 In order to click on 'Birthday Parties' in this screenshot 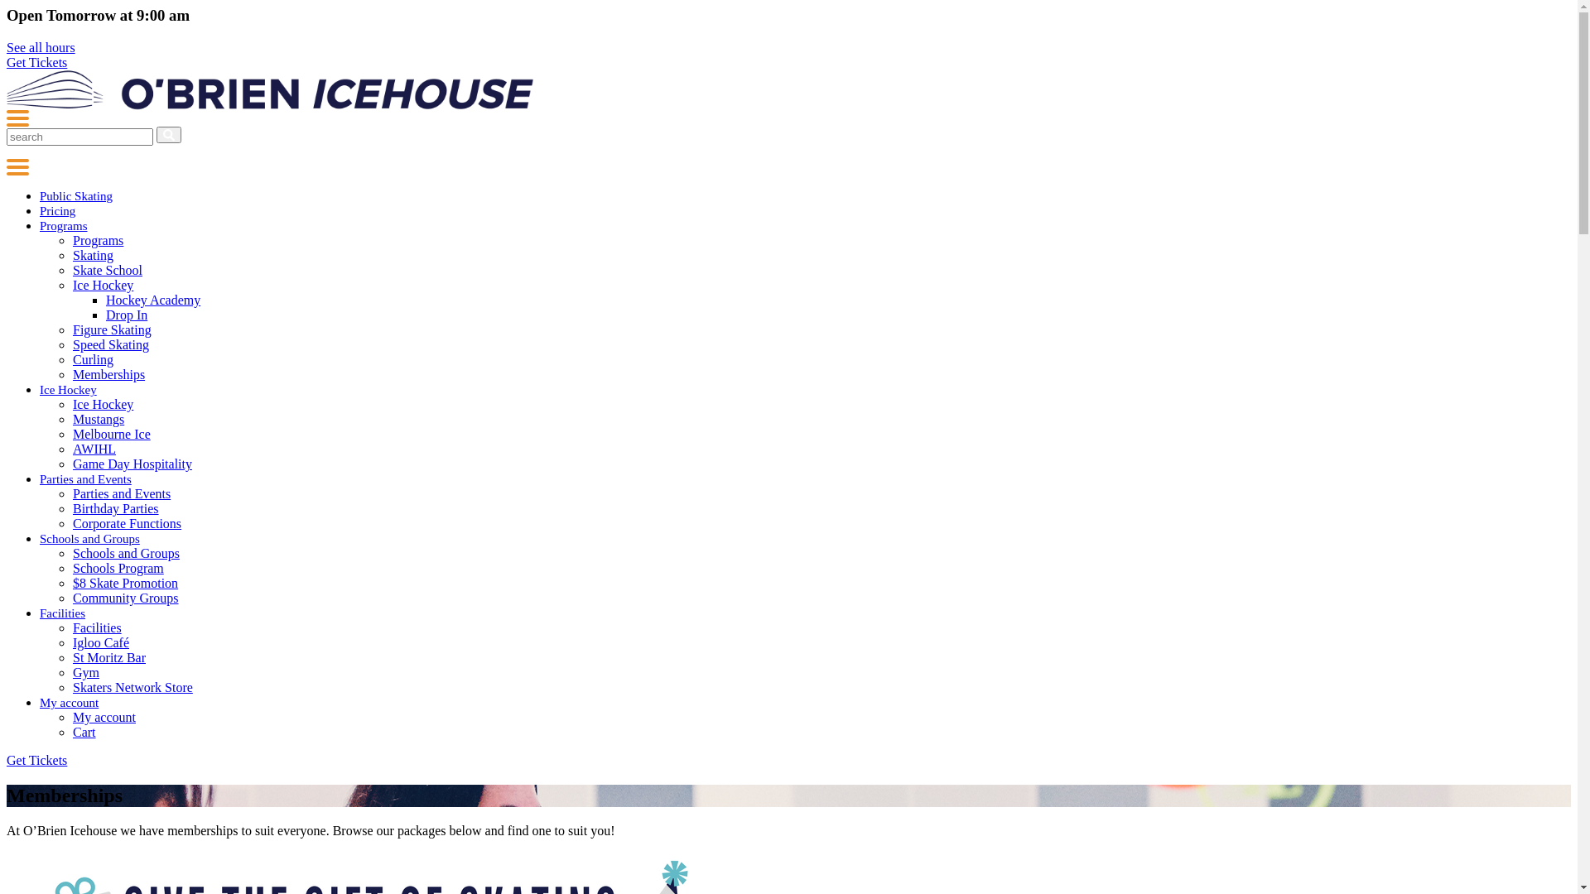, I will do `click(71, 507)`.